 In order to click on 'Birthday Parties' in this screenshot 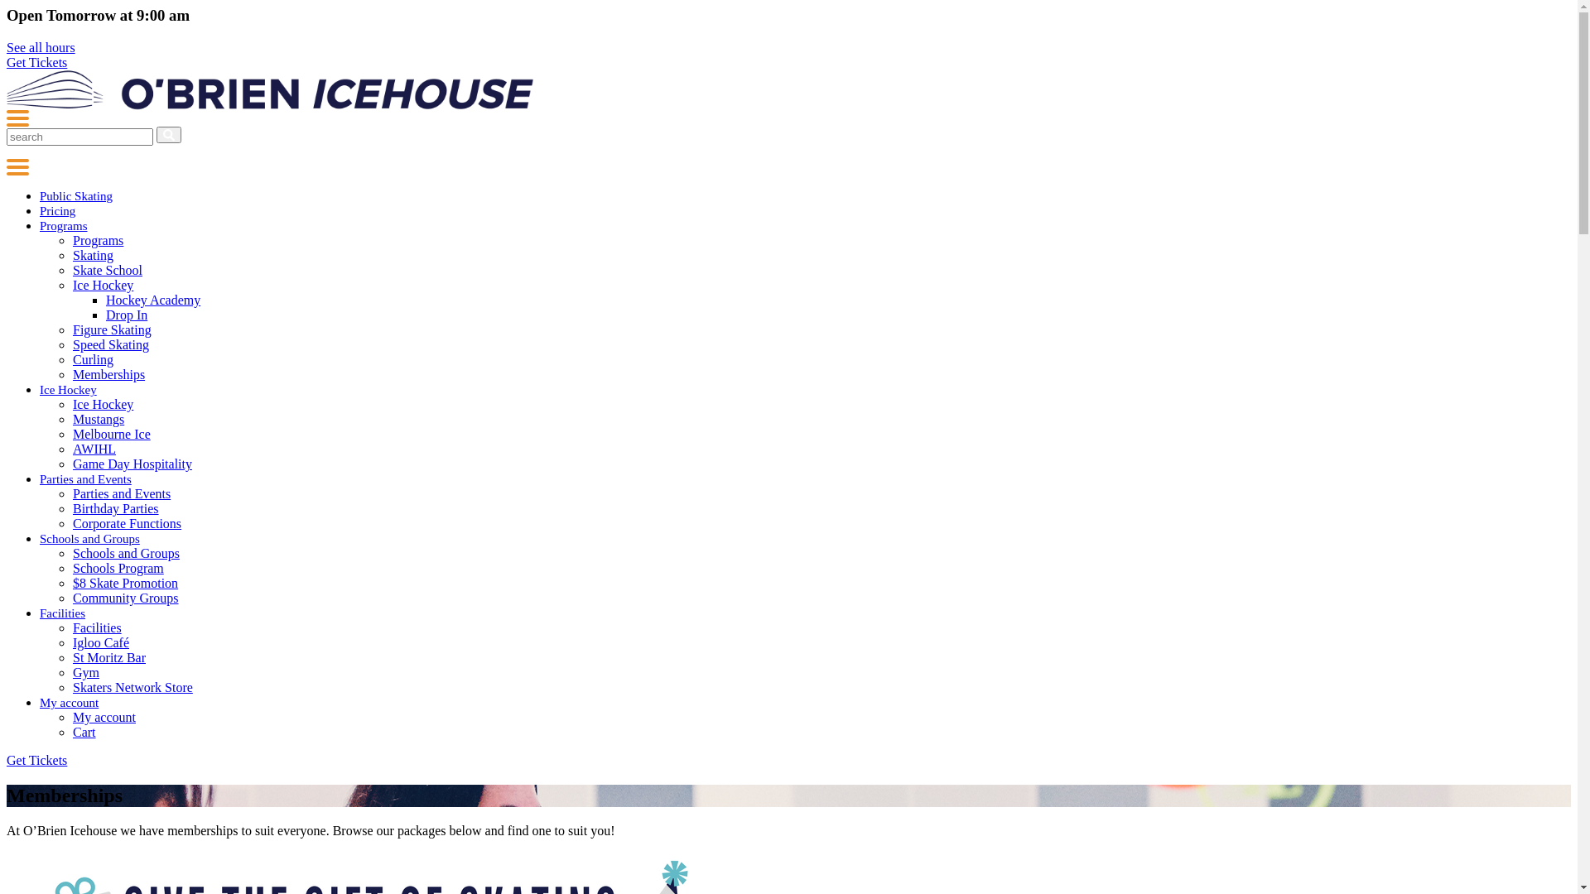, I will do `click(71, 507)`.